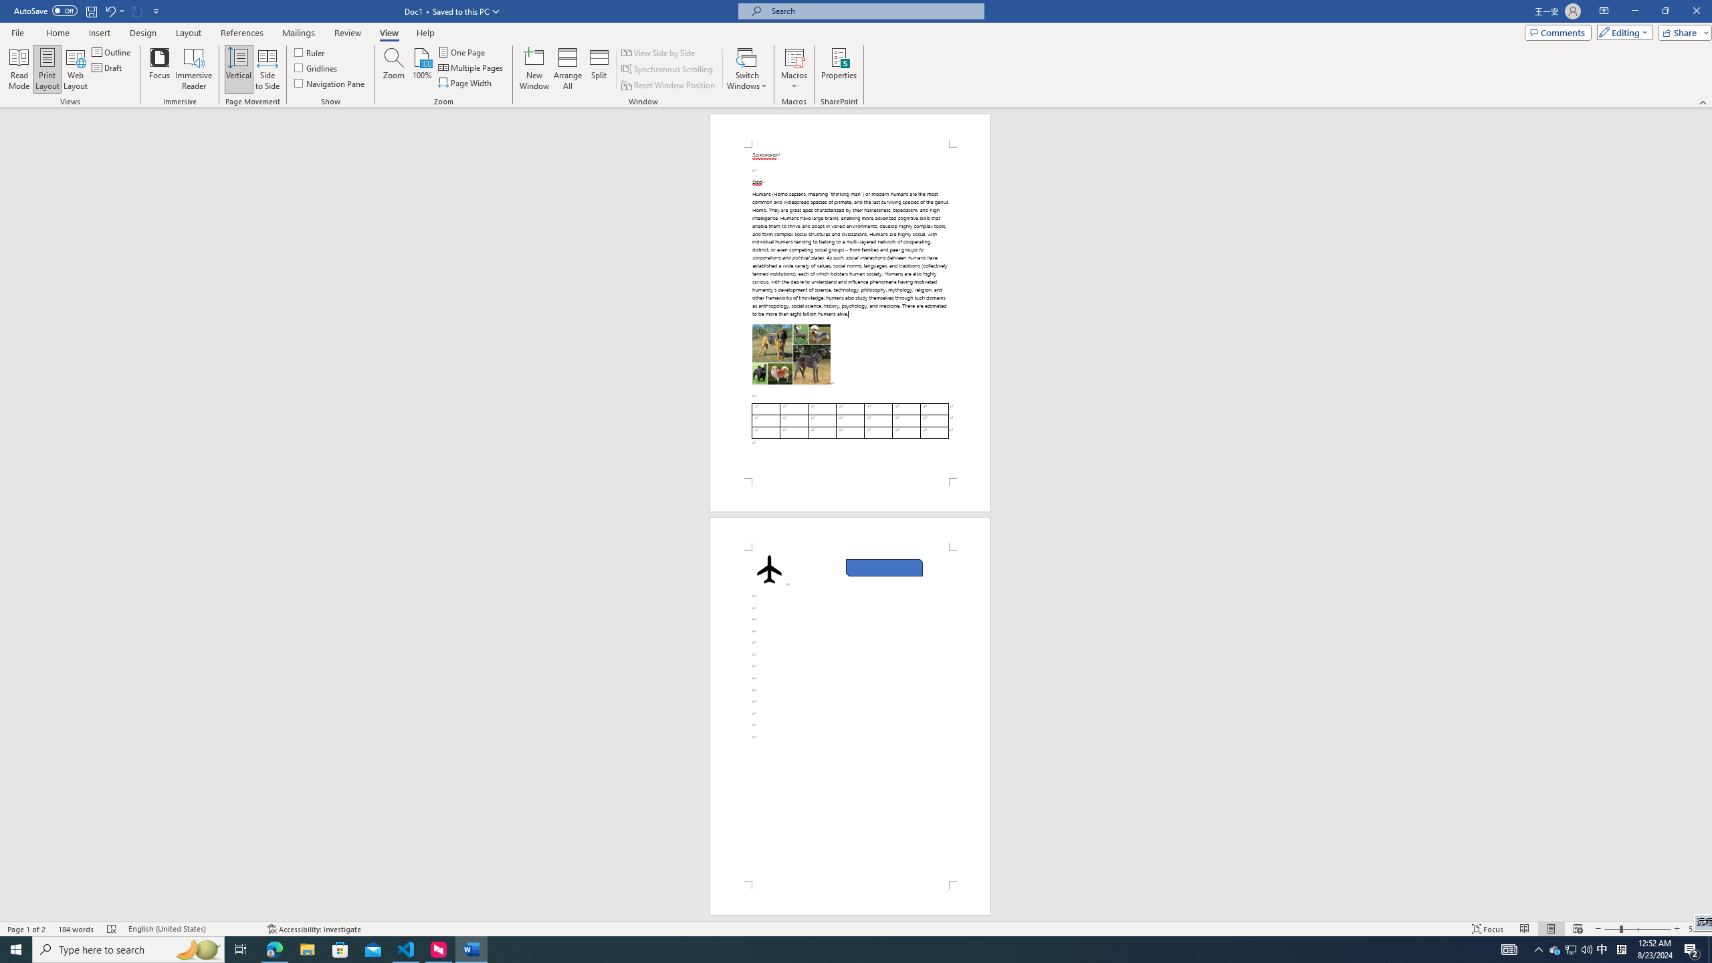 This screenshot has width=1712, height=963. I want to click on '100%', so click(422, 69).